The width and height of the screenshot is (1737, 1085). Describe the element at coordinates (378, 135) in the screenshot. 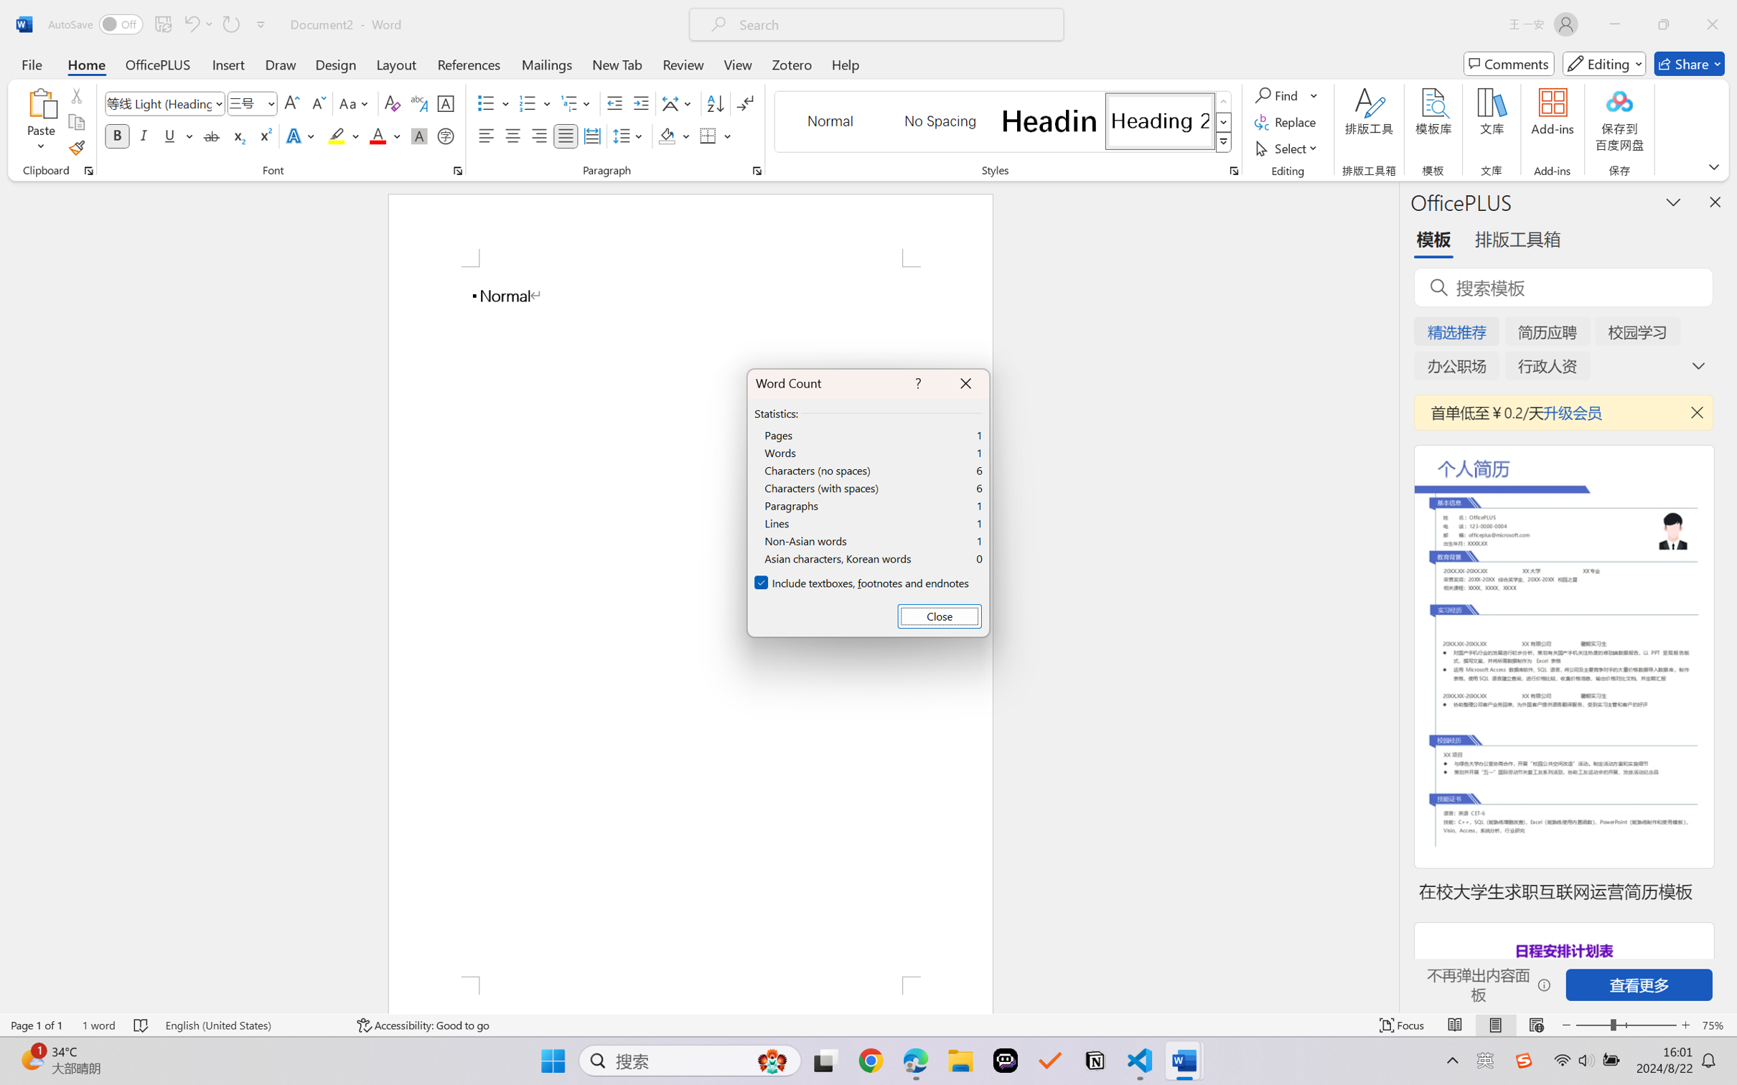

I see `'Font Color Red'` at that location.